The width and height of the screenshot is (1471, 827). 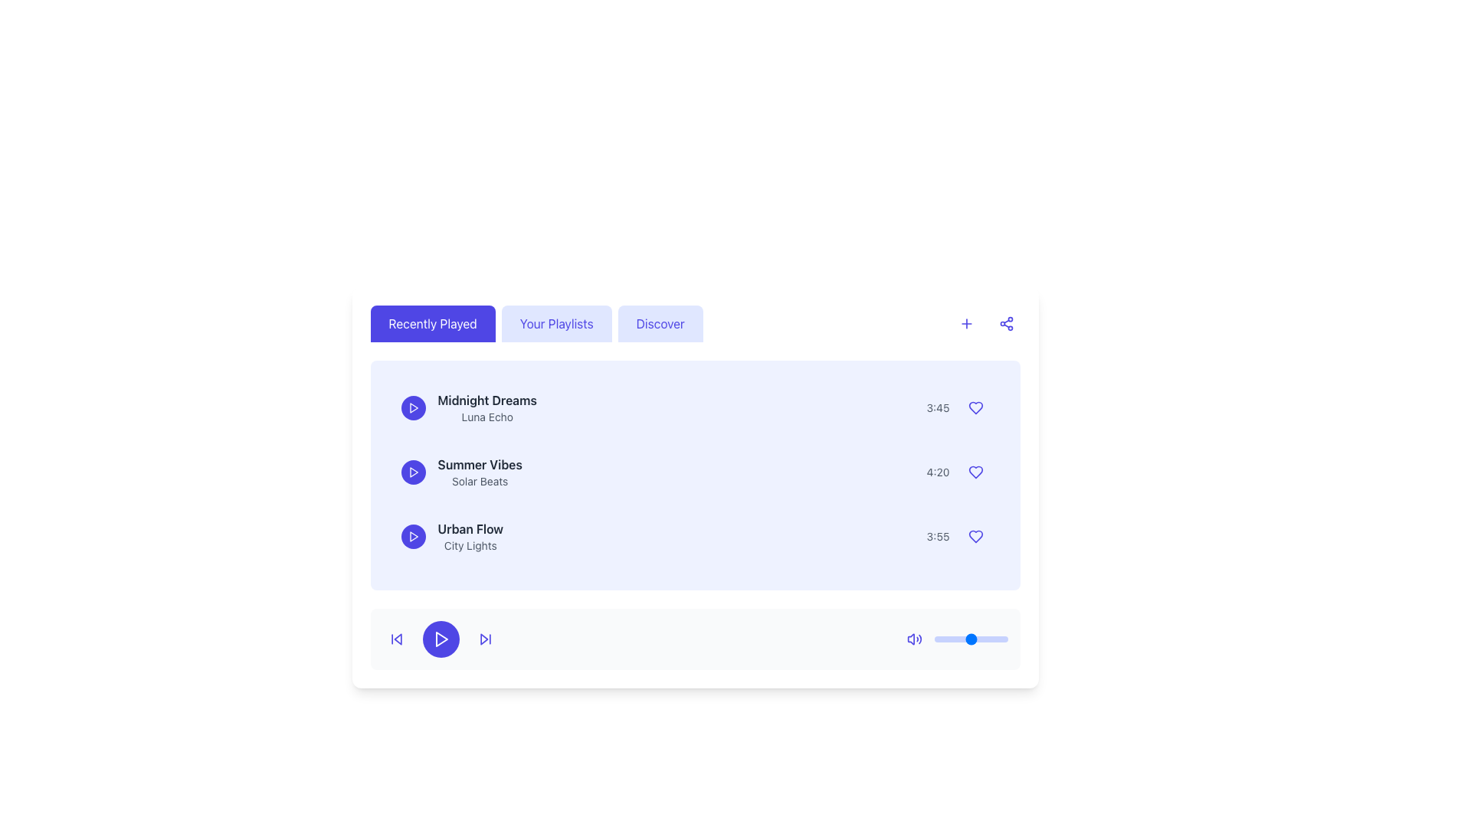 I want to click on the share button with an icon located in the top-right corner of the interface, so click(x=1006, y=323).